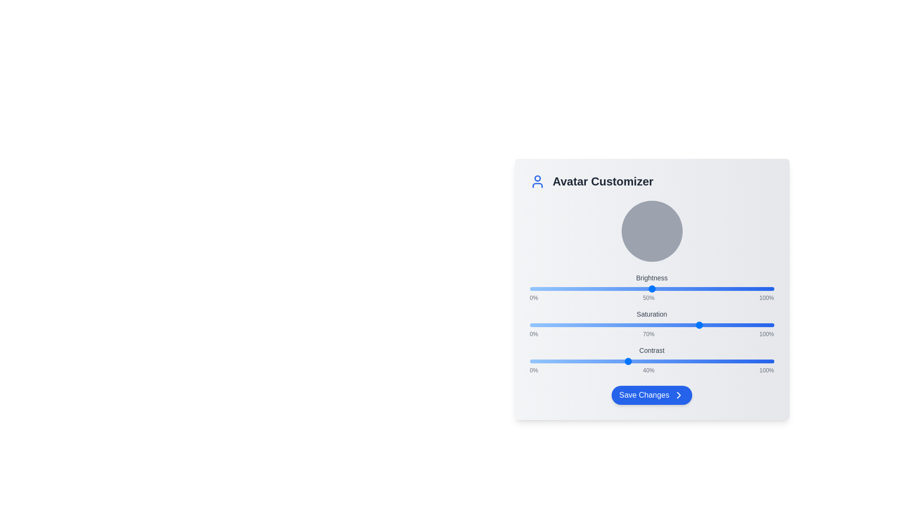 This screenshot has width=916, height=515. I want to click on the contrast slider to 93%, so click(756, 361).